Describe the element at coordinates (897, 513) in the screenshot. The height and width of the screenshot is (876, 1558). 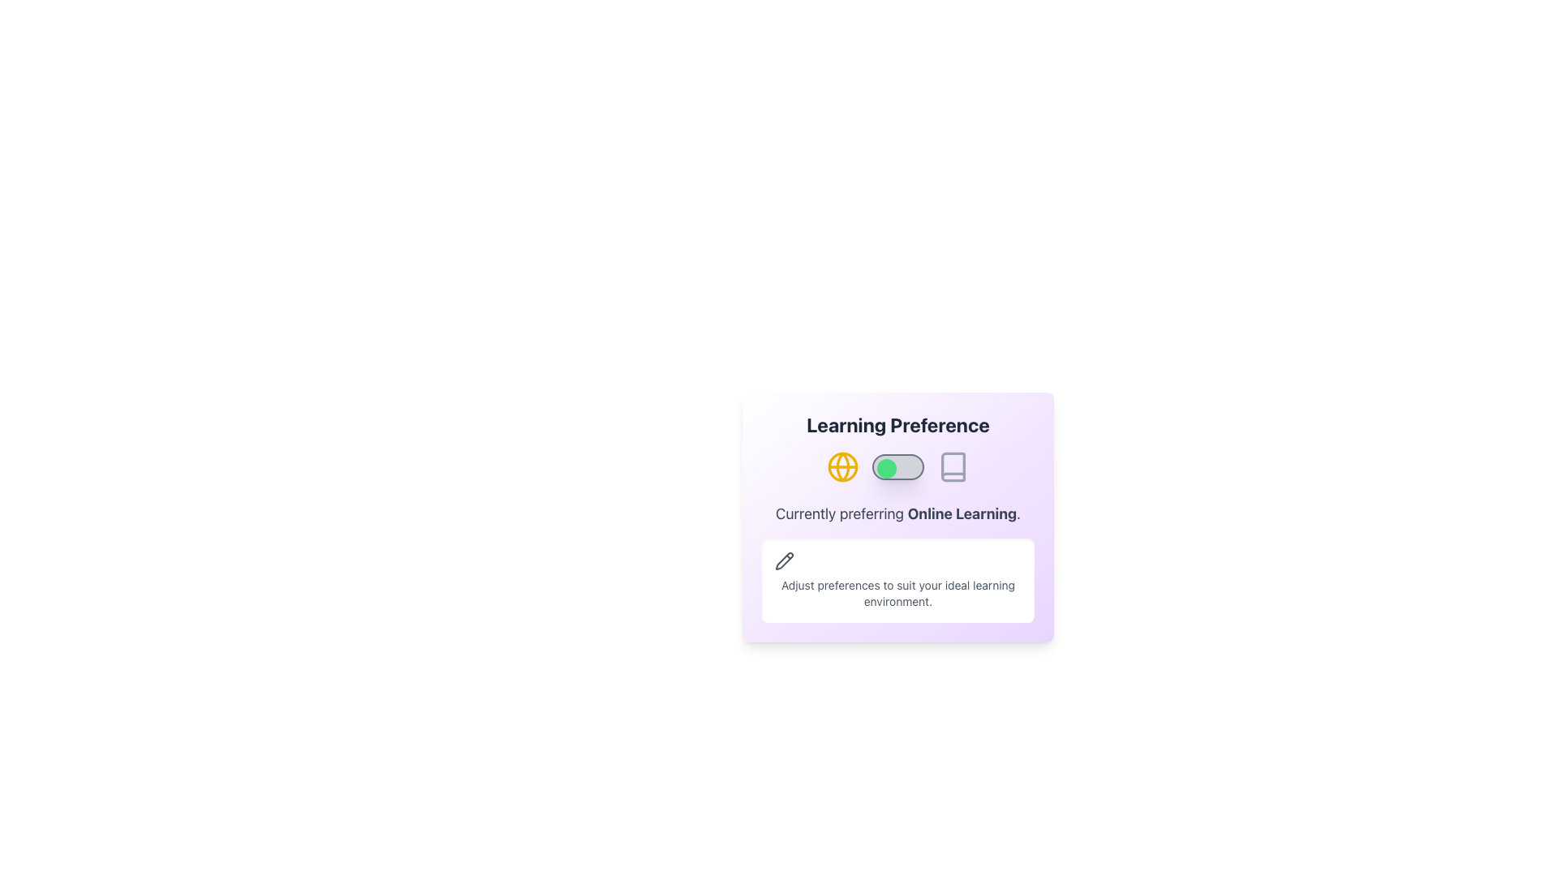
I see `the centered text block displaying 'Currently preferring Online Learning.' in a medium-sized grey font, part of the 'Learning Preference' card` at that location.